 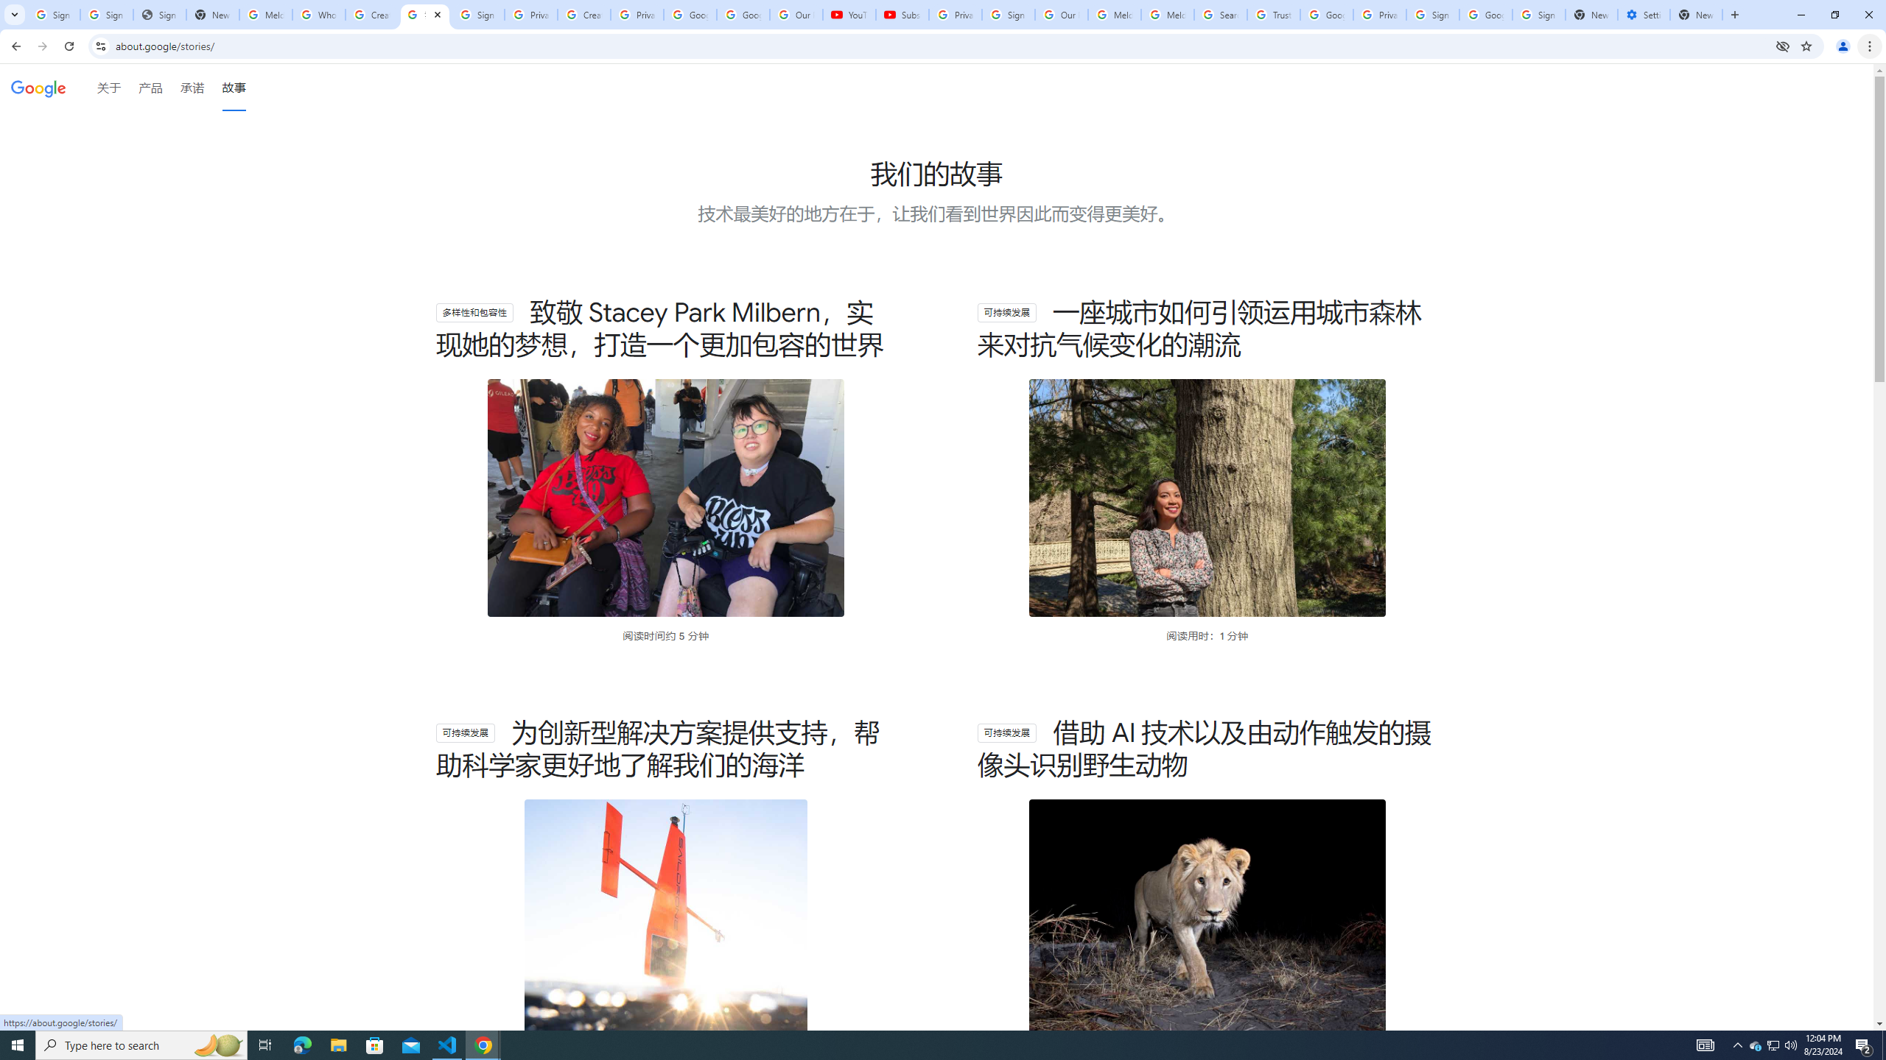 I want to click on 'Settings - Addresses and more', so click(x=1643, y=14).